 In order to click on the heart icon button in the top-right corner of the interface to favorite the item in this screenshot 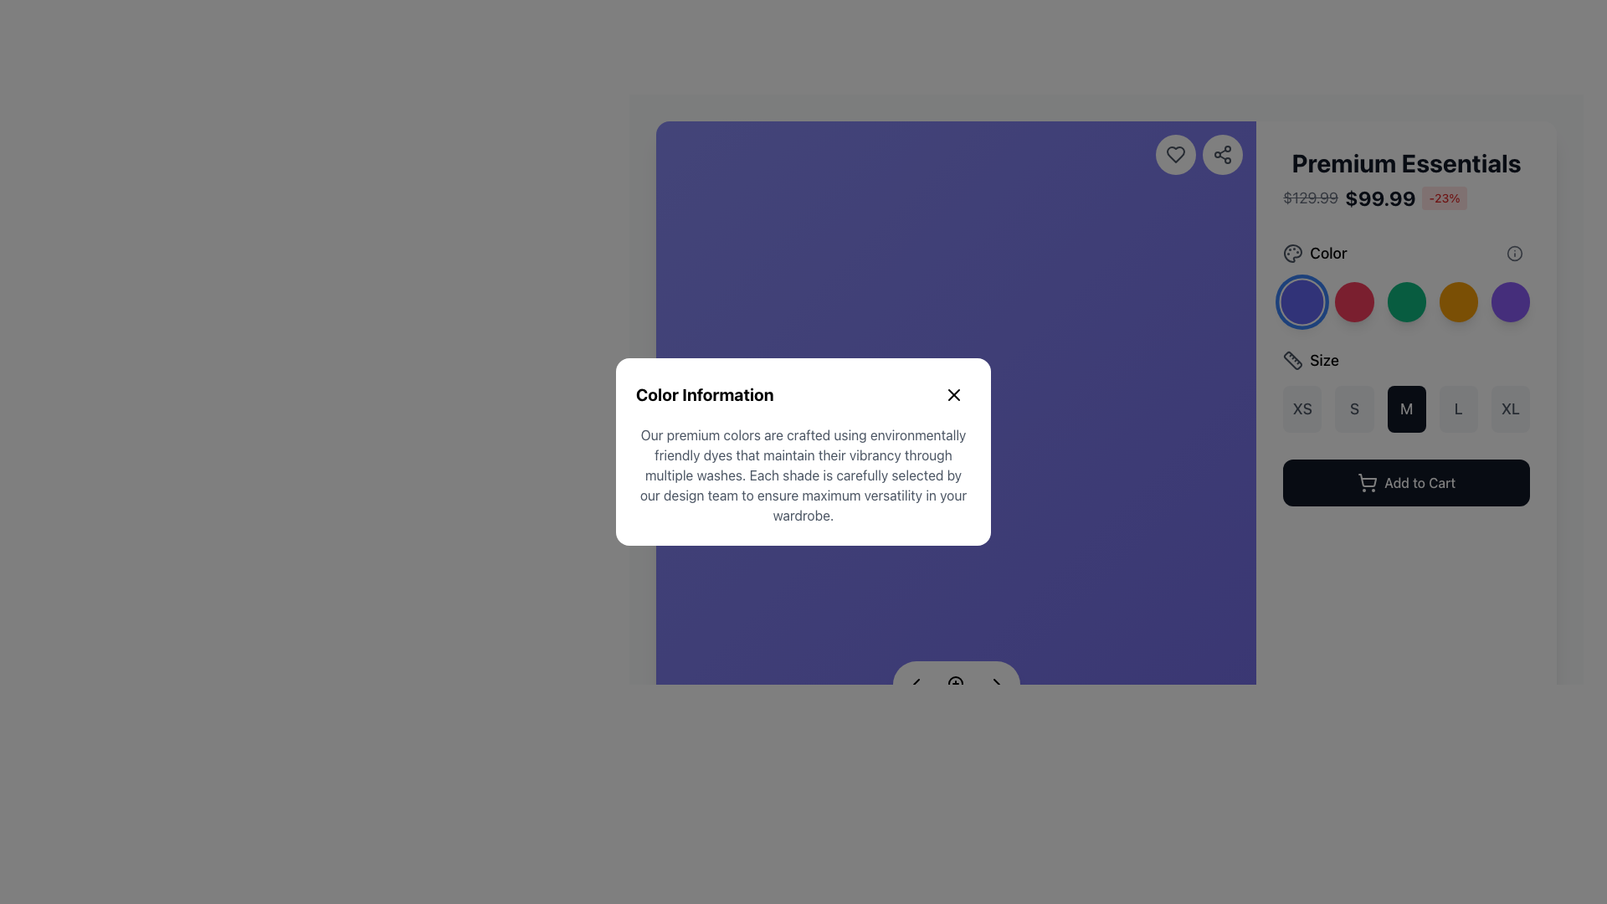, I will do `click(1175, 155)`.